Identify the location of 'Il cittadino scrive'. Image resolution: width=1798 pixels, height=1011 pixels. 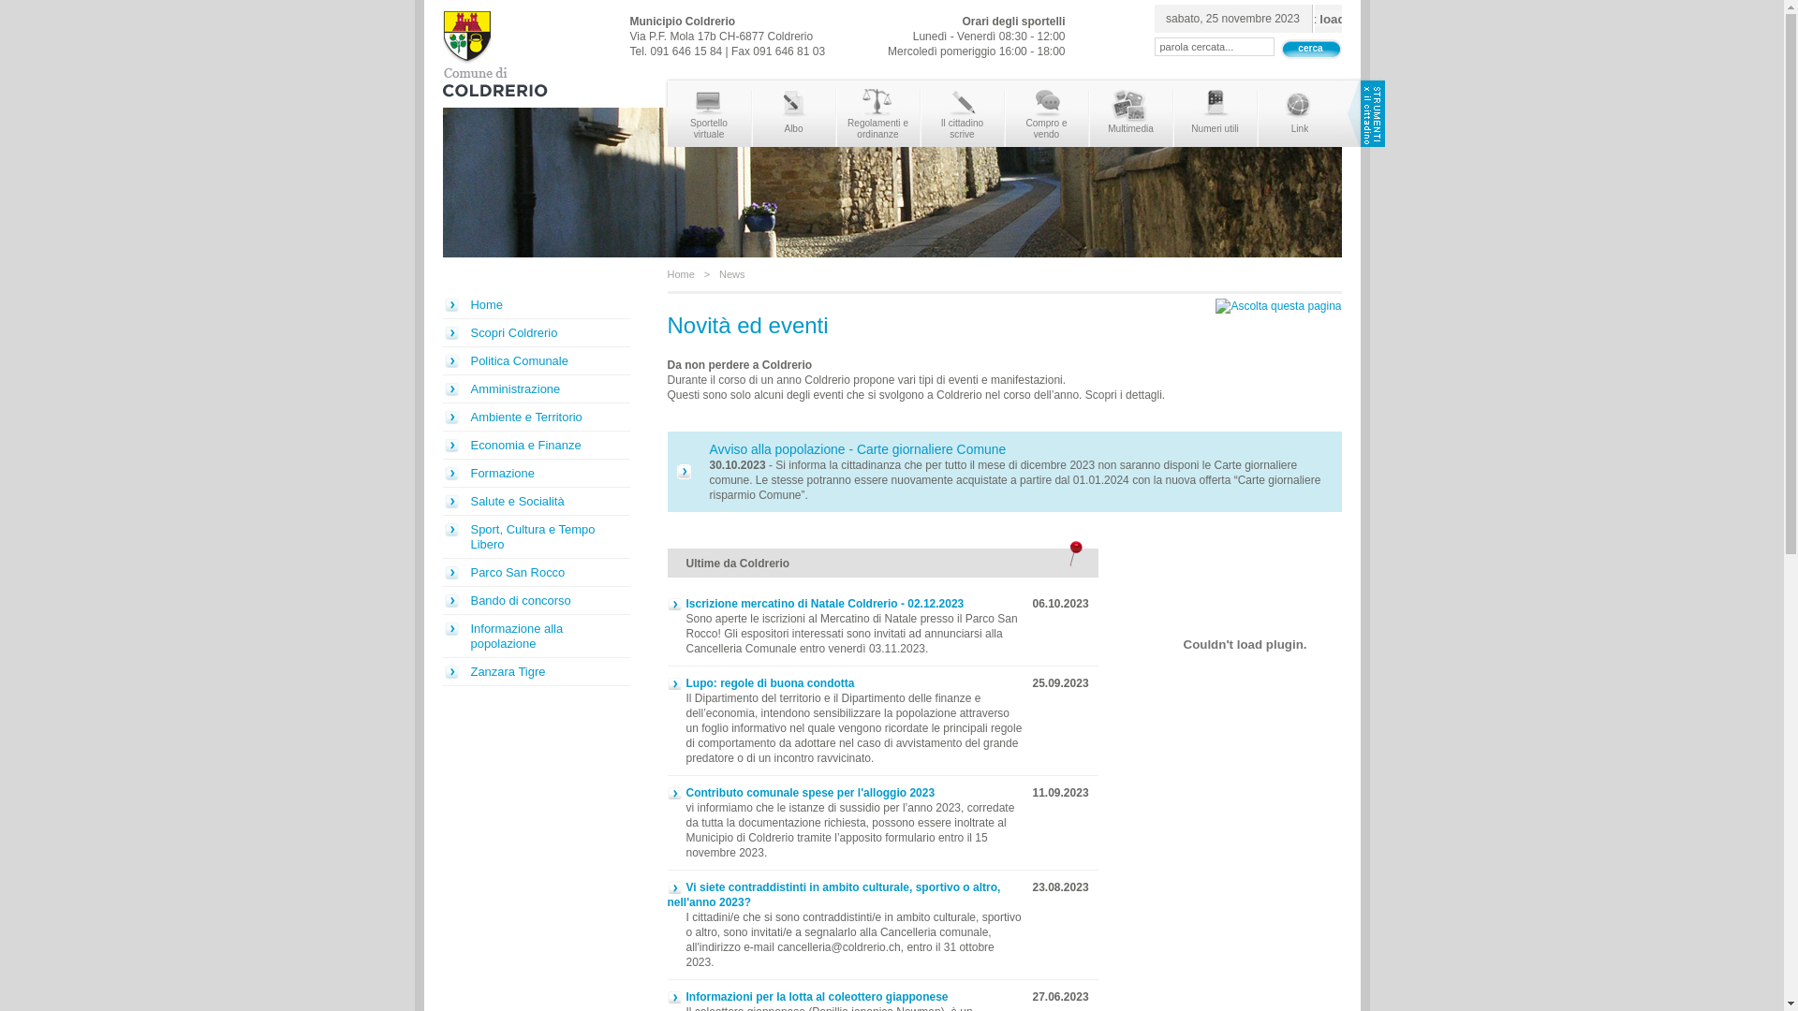
(962, 113).